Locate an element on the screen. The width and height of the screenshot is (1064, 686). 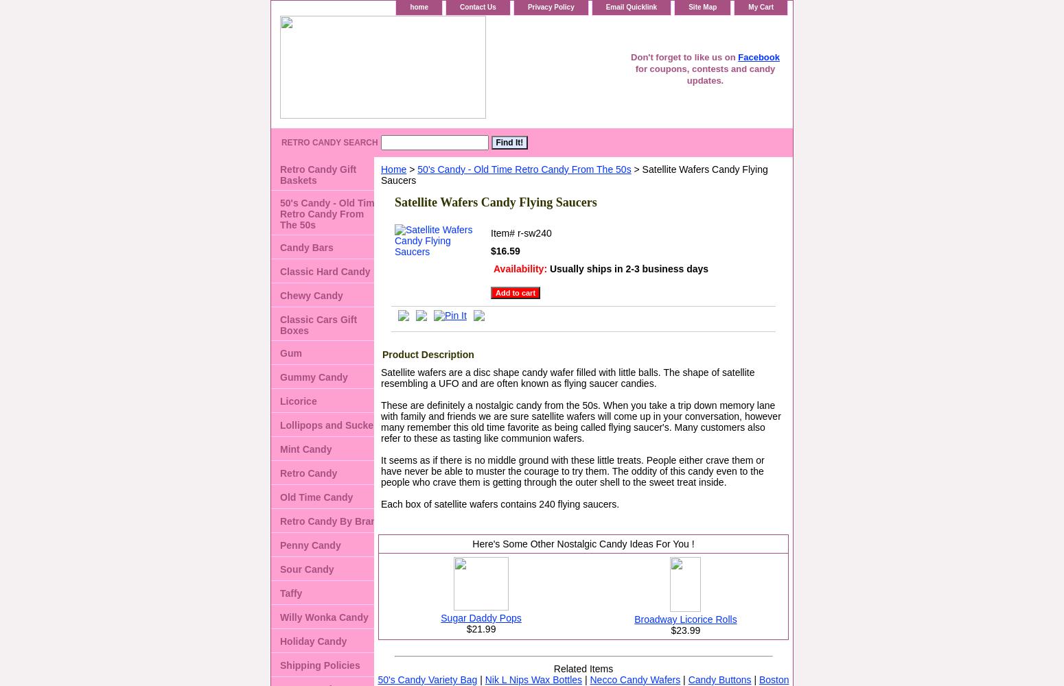
'Chewy  Candy' is located at coordinates (279, 296).